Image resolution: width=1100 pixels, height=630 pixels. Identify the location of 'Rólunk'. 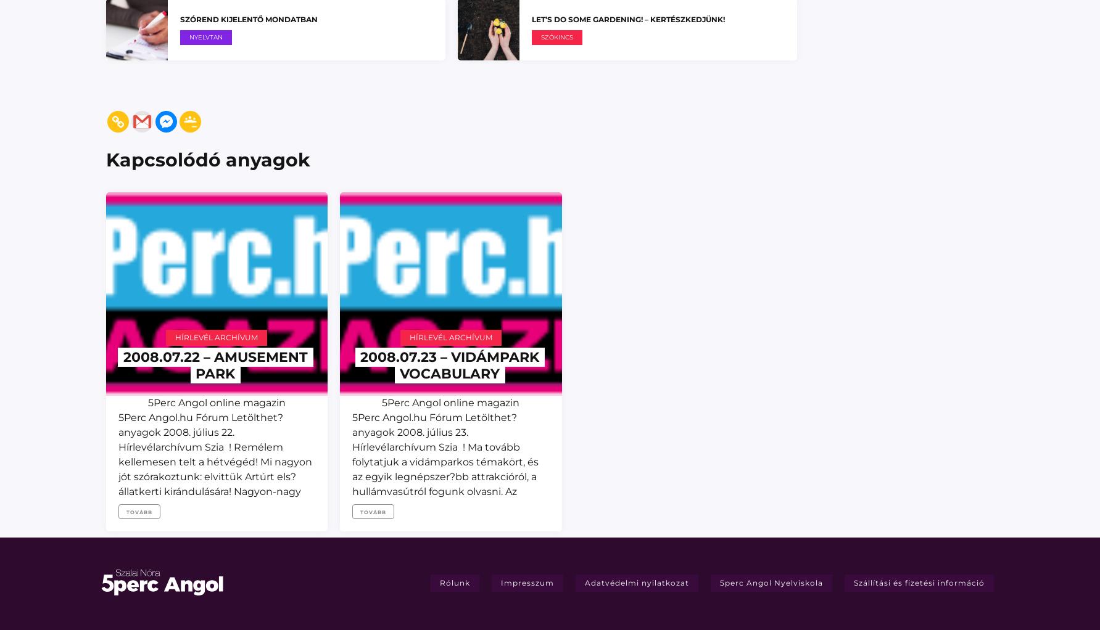
(453, 582).